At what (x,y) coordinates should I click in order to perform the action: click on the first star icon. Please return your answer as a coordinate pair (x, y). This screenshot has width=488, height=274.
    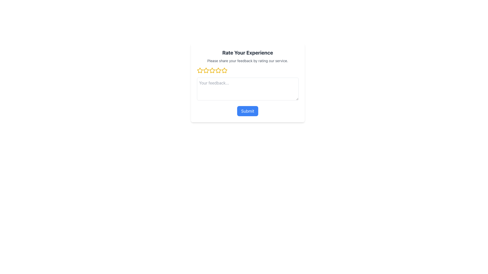
    Looking at the image, I should click on (200, 70).